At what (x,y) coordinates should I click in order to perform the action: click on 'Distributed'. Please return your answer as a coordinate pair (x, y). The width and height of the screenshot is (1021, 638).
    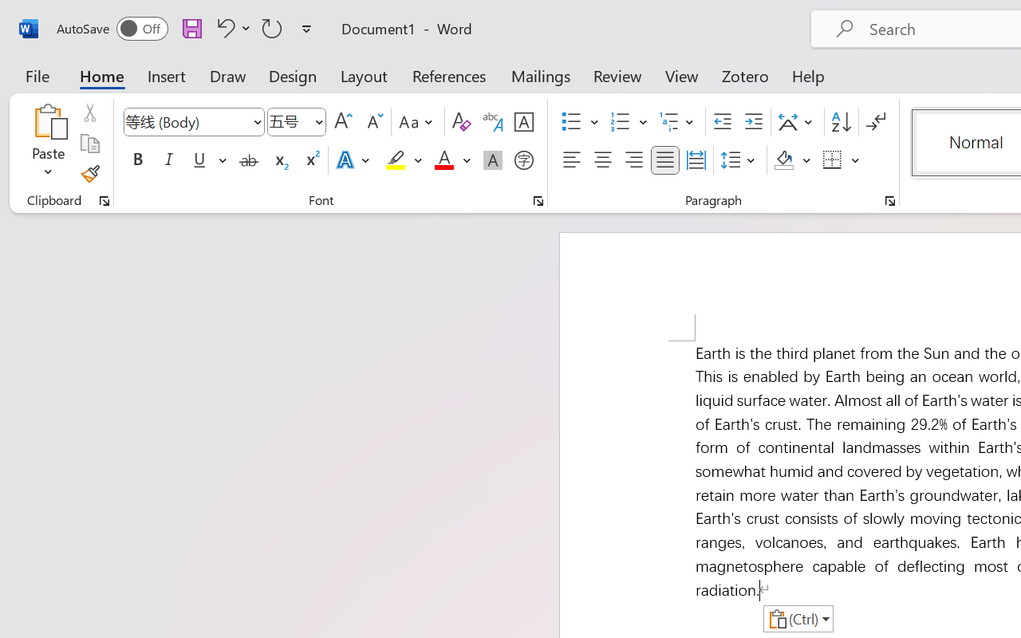
    Looking at the image, I should click on (696, 160).